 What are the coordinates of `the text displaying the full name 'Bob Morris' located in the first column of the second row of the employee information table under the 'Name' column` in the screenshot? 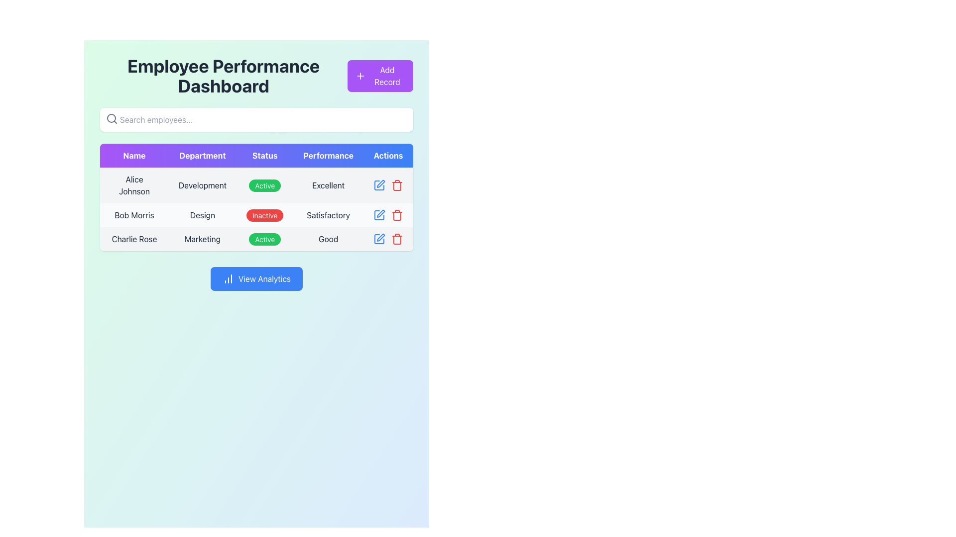 It's located at (133, 214).